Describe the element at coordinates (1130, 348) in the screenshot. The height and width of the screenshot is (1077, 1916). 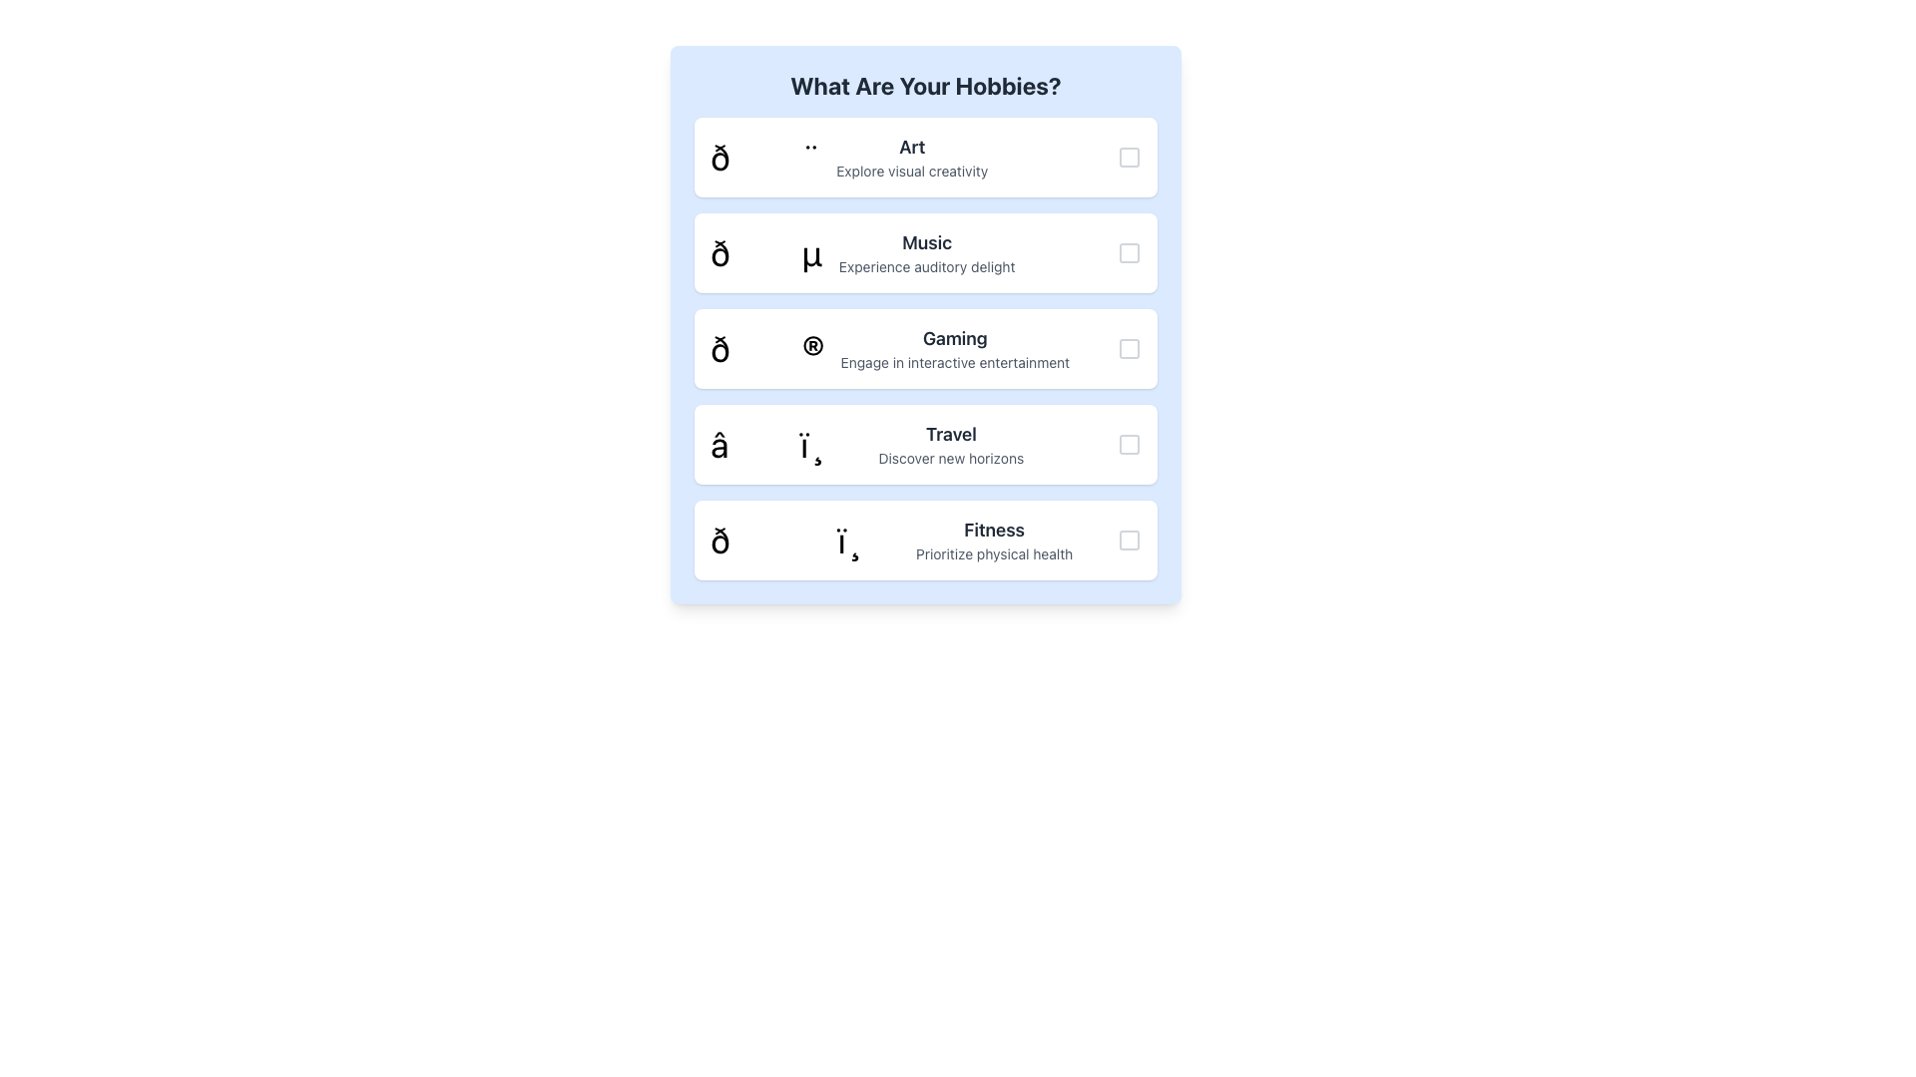
I see `the rightmost icon in the 'Gaming' section` at that location.